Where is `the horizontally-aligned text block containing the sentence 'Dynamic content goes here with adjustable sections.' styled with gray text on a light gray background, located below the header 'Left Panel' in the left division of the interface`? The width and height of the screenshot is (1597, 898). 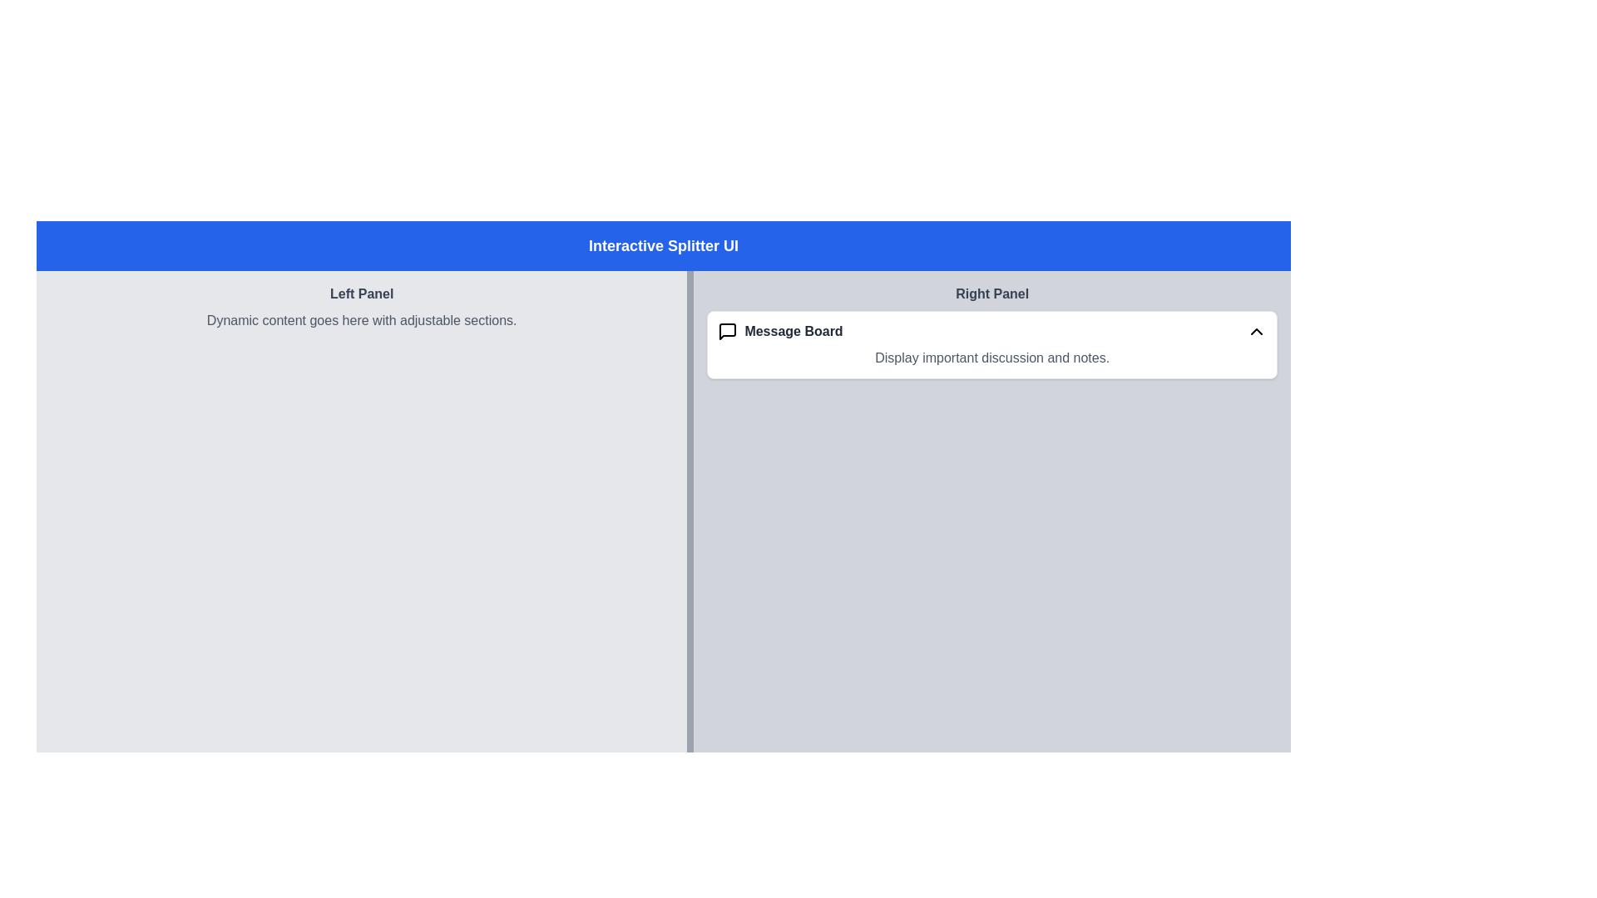 the horizontally-aligned text block containing the sentence 'Dynamic content goes here with adjustable sections.' styled with gray text on a light gray background, located below the header 'Left Panel' in the left division of the interface is located at coordinates (361, 320).